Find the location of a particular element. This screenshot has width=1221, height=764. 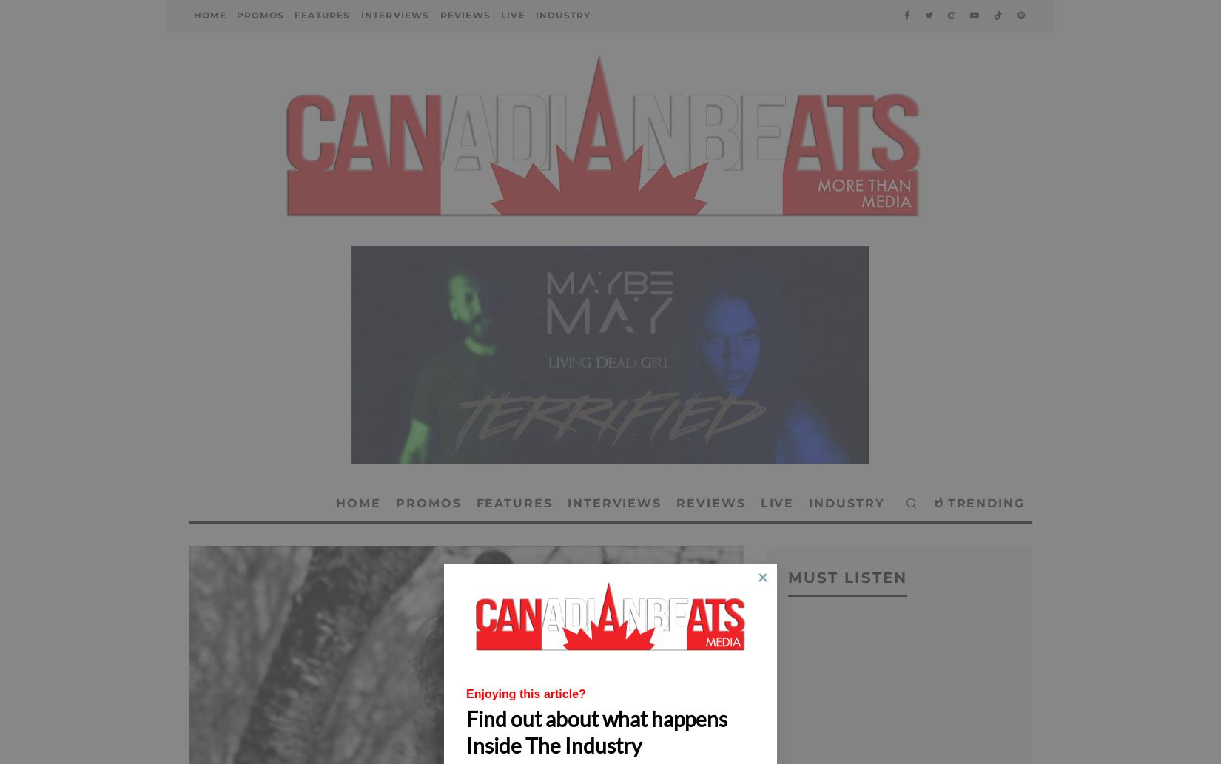

'5qs' is located at coordinates (387, 82).